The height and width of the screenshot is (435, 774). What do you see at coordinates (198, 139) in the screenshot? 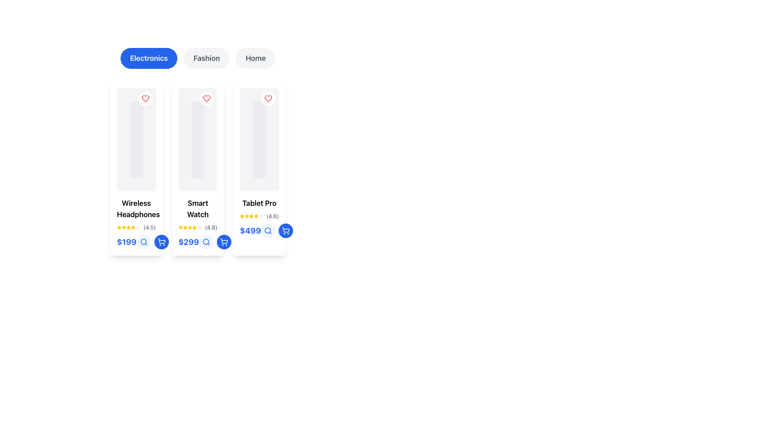
I see `the loading indicator located at the top center of the 'Smart Watch' card in the 'Electronics' section` at bounding box center [198, 139].